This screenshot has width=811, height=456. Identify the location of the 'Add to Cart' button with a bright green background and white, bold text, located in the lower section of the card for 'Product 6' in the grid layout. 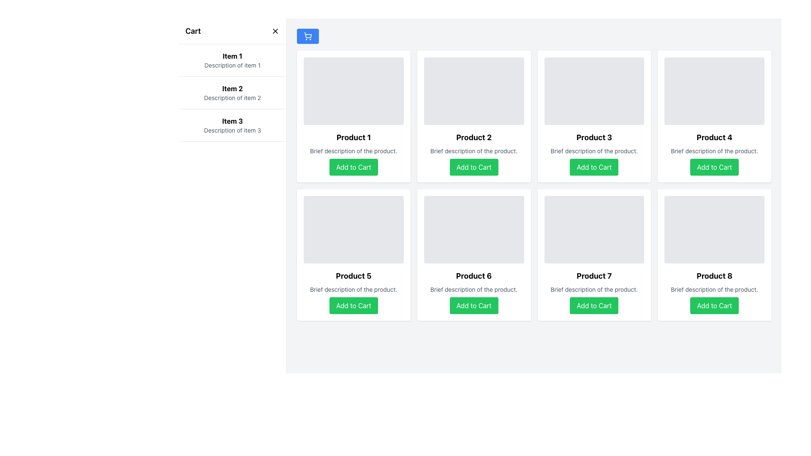
(474, 306).